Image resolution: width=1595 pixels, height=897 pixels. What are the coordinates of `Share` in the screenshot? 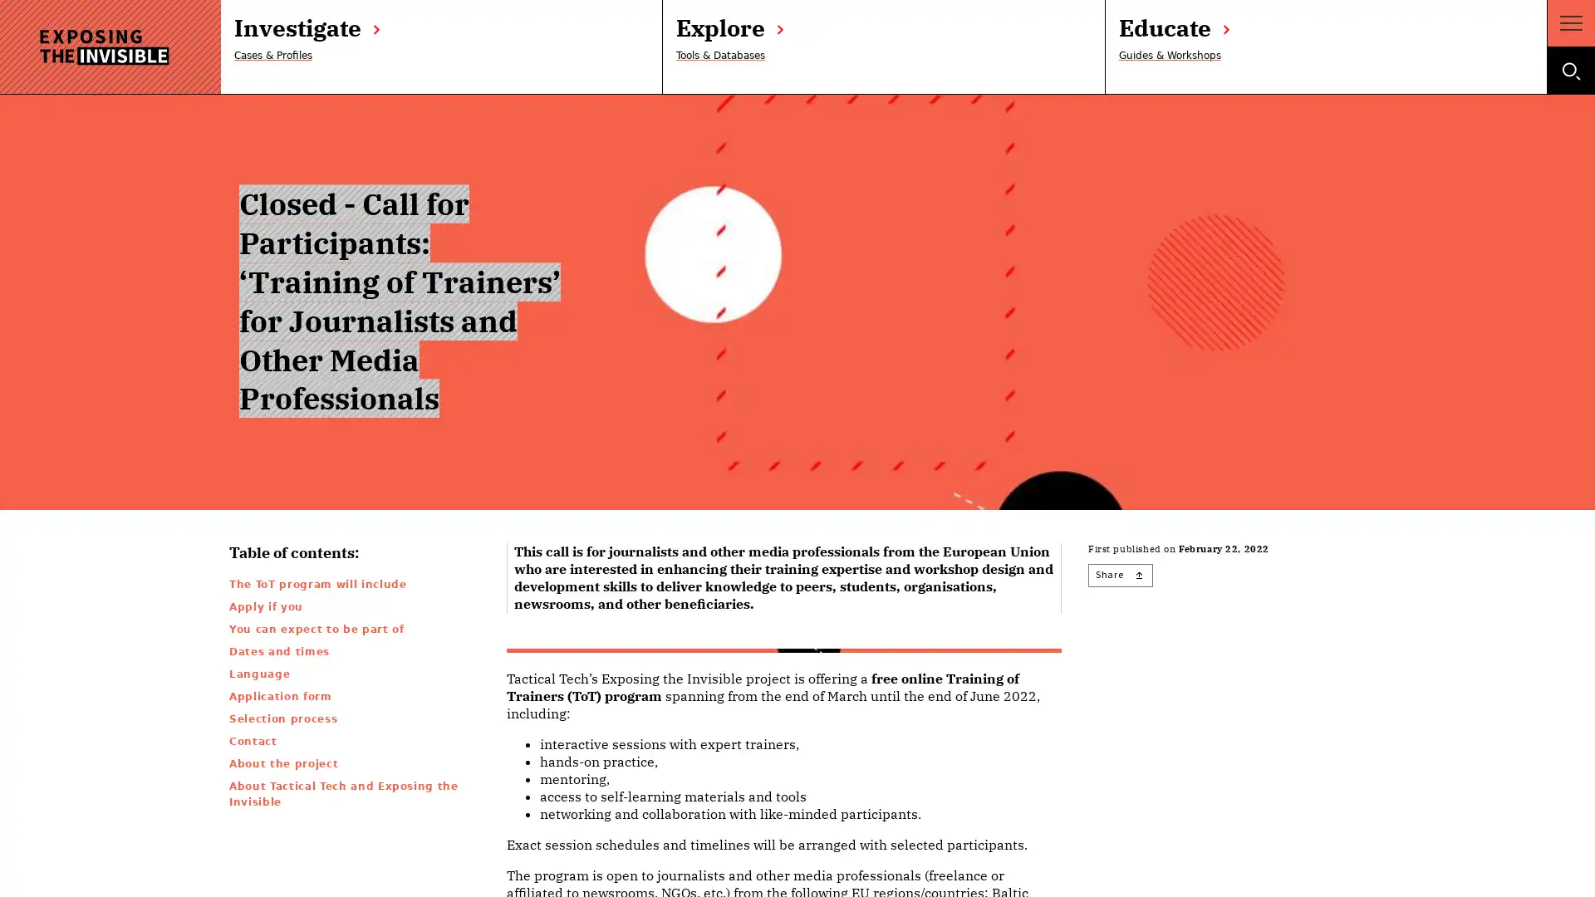 It's located at (1120, 575).